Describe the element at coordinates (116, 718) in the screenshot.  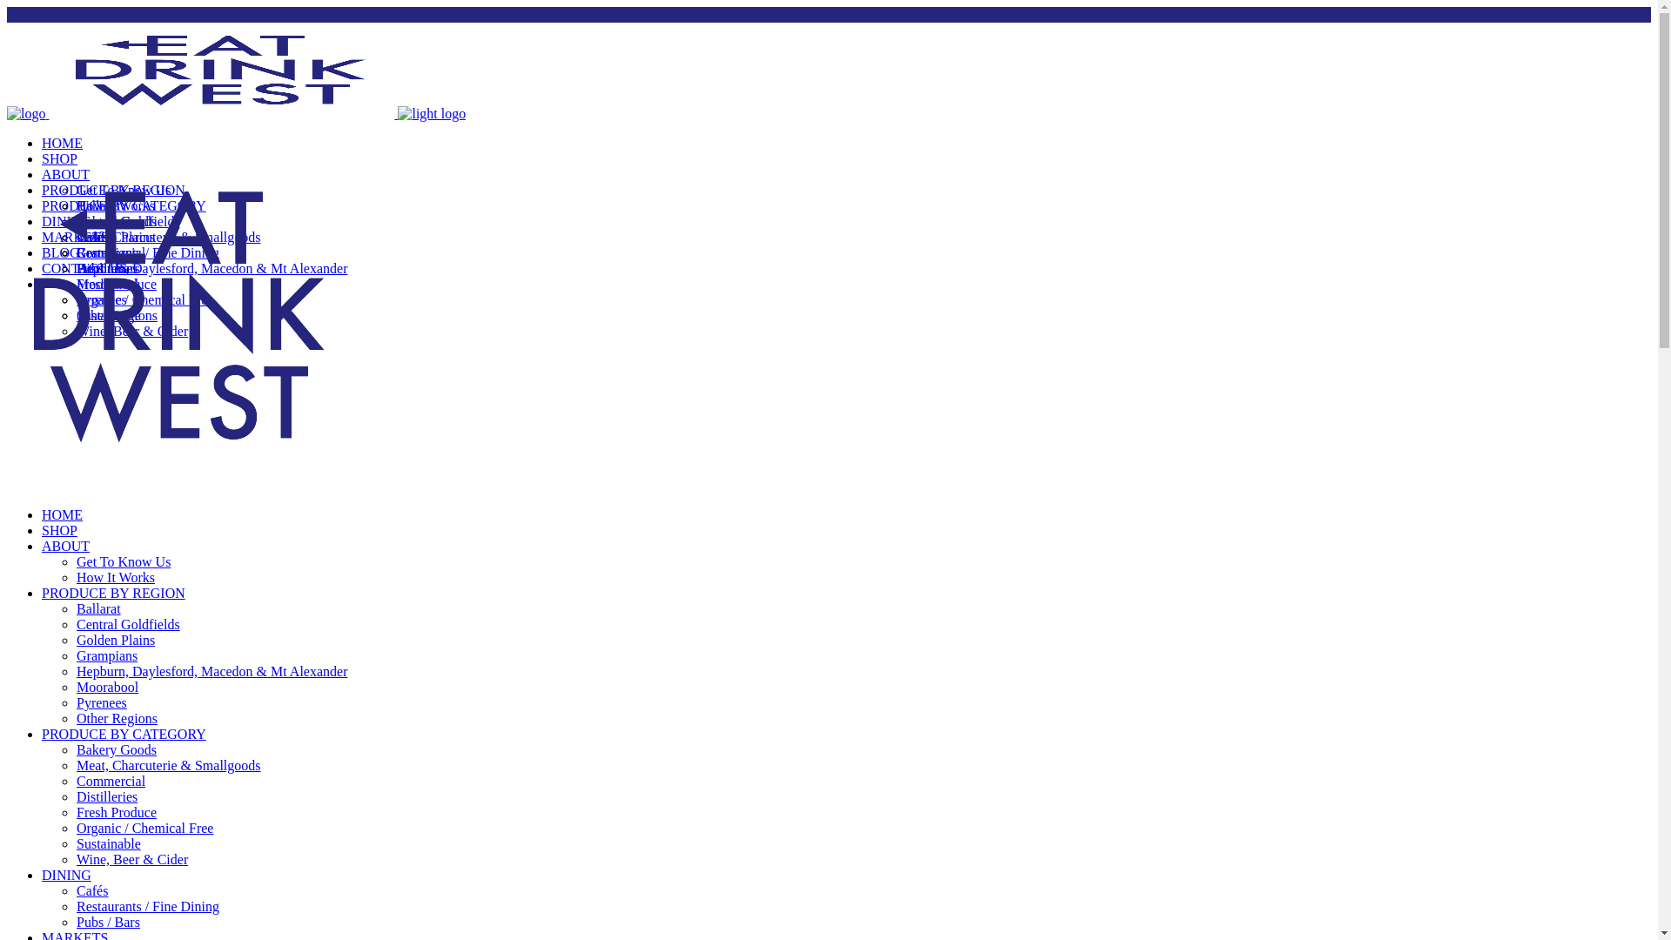
I see `'Other Regions'` at that location.